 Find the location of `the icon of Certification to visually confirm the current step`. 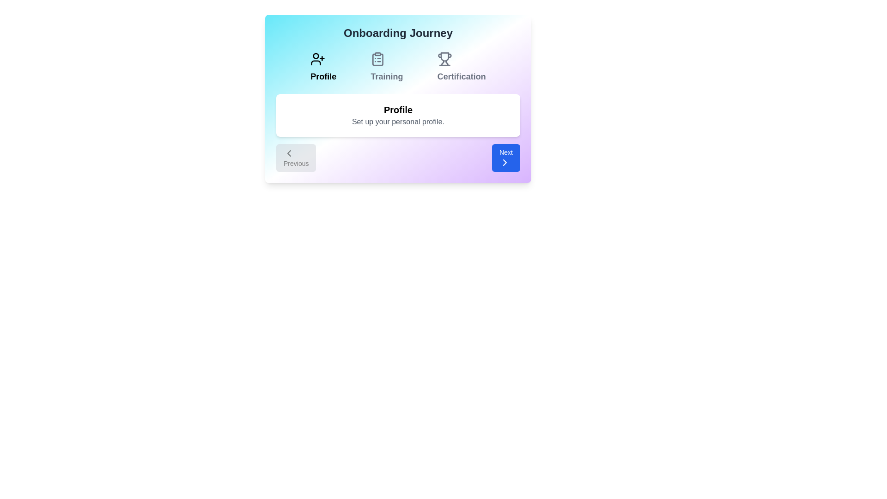

the icon of Certification to visually confirm the current step is located at coordinates (461, 59).